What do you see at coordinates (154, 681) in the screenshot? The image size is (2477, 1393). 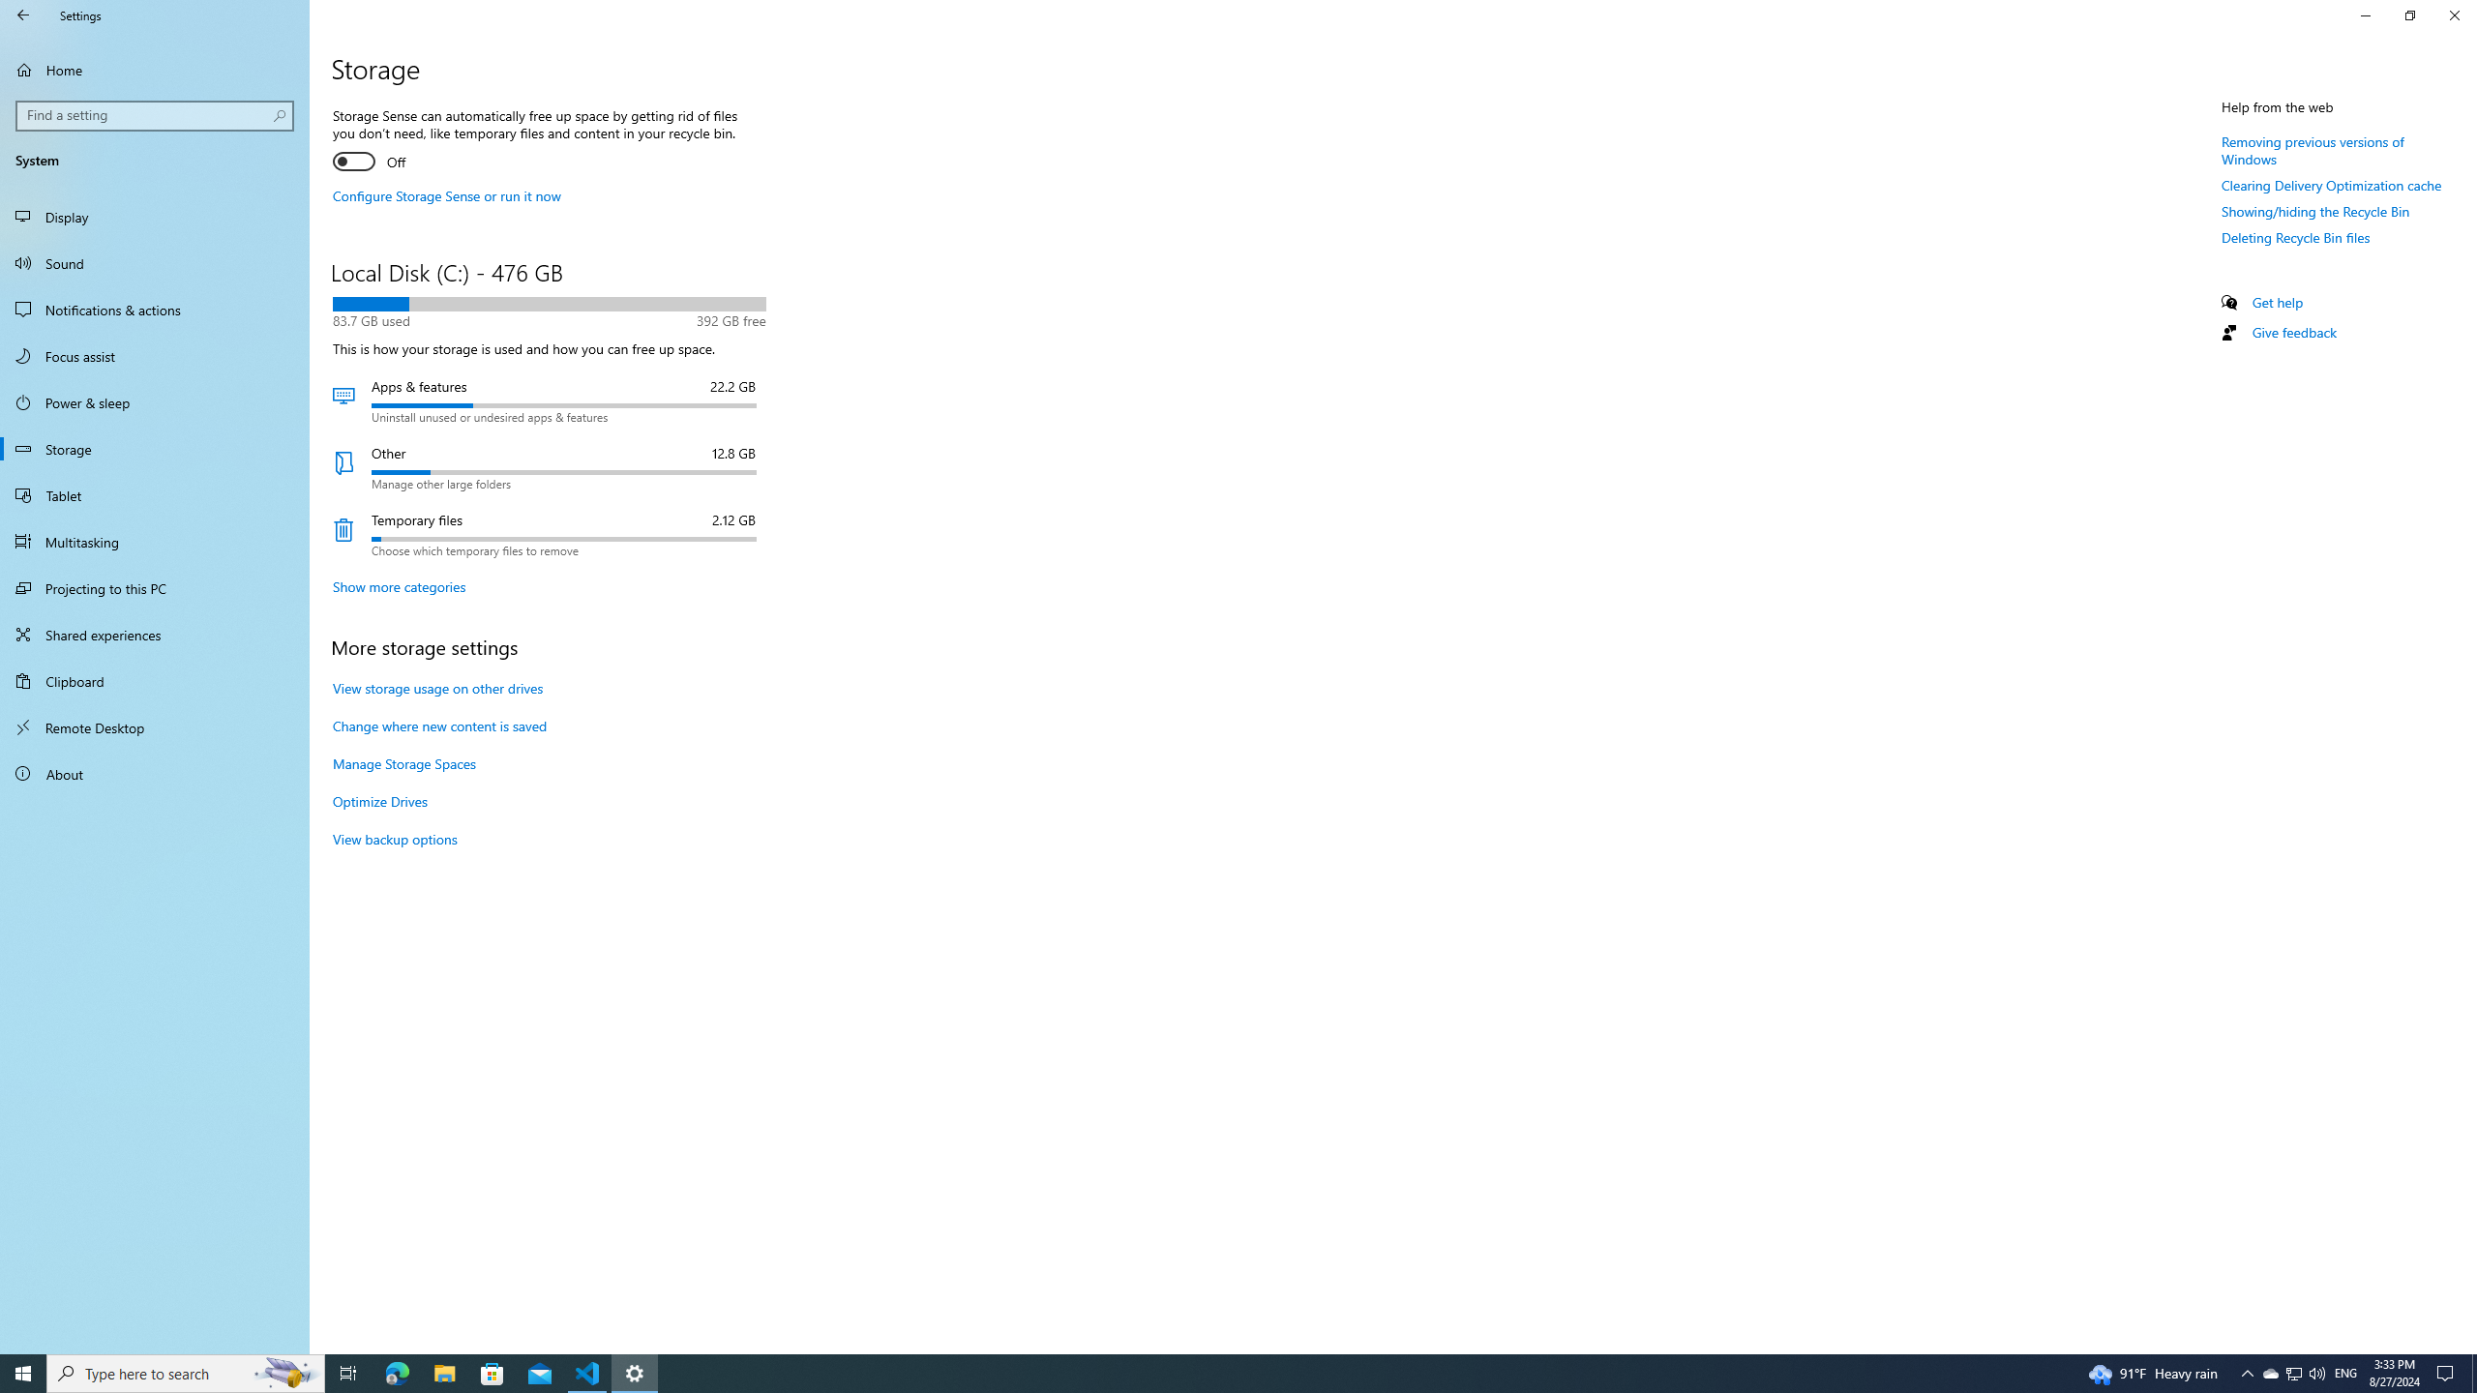 I see `'Clipboard'` at bounding box center [154, 681].